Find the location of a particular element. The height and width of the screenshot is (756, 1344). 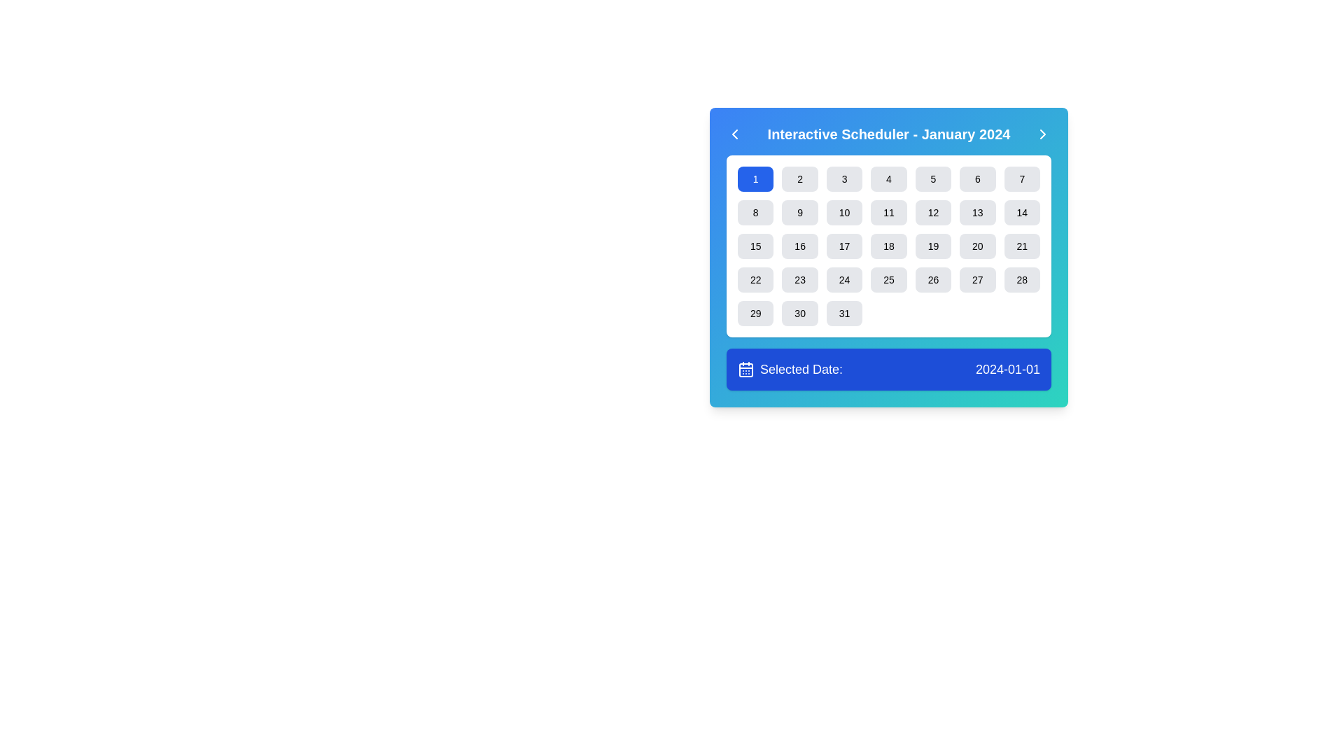

the button representing the selectable day within the monthly calendar view located in the sixth row and the first column of the grid layout is located at coordinates (755, 312).